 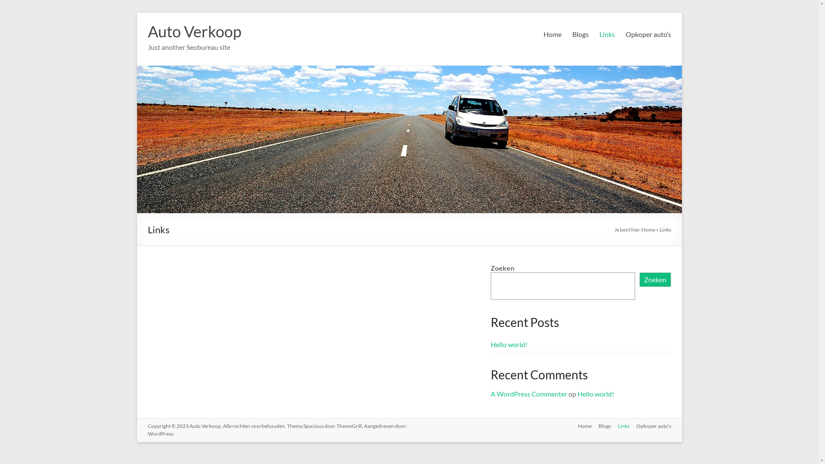 I want to click on 'Blogs', so click(x=600, y=427).